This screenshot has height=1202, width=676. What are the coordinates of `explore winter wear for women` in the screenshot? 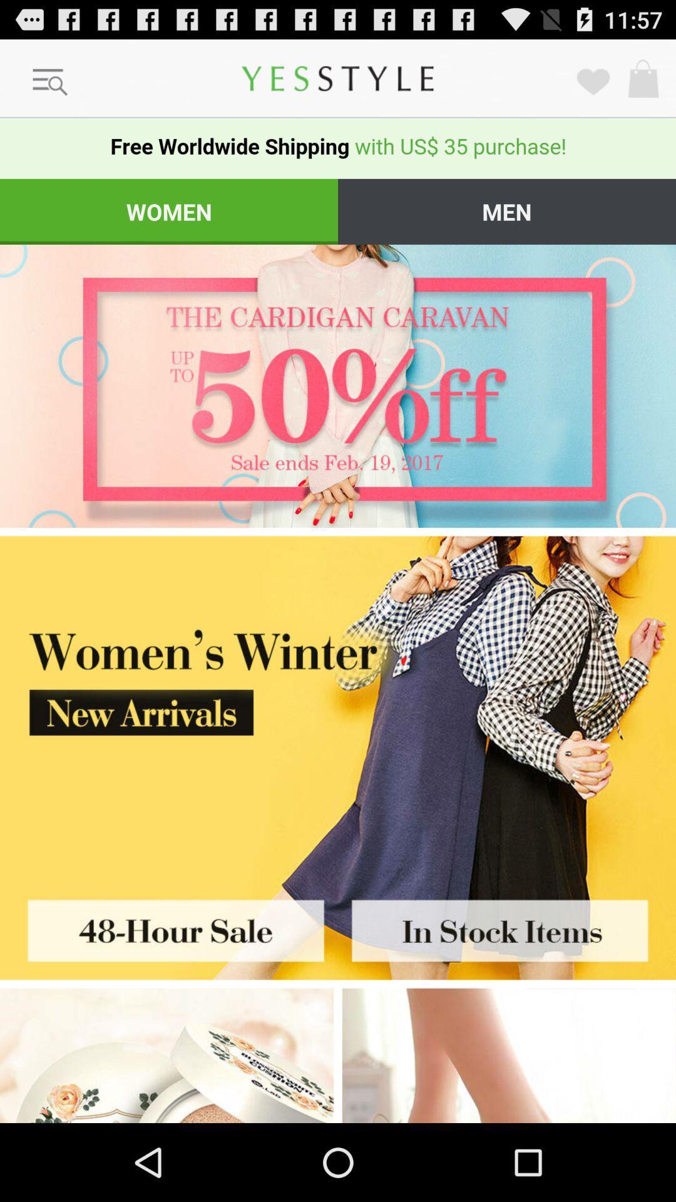 It's located at (509, 1055).